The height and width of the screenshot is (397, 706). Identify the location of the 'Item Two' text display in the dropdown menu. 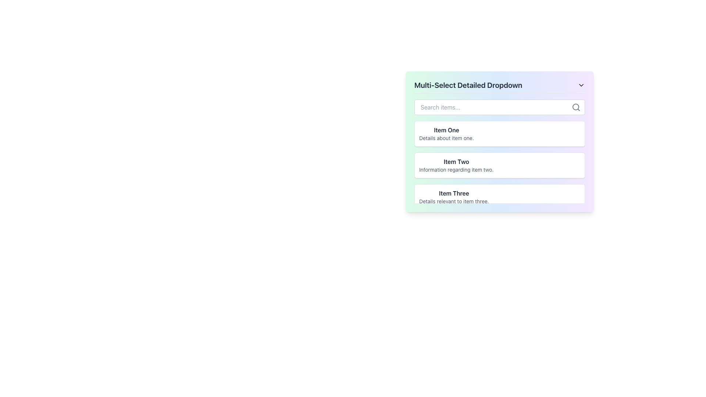
(456, 165).